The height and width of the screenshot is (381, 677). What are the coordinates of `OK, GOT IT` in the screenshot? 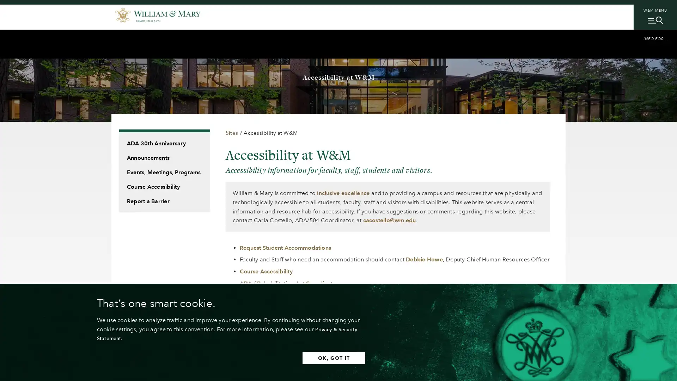 It's located at (313, 358).